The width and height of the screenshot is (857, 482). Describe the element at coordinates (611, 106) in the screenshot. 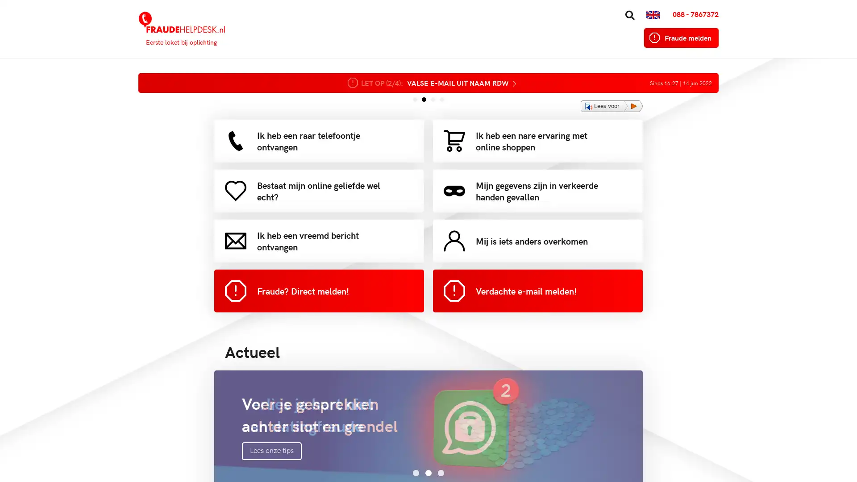

I see `Lees voor` at that location.